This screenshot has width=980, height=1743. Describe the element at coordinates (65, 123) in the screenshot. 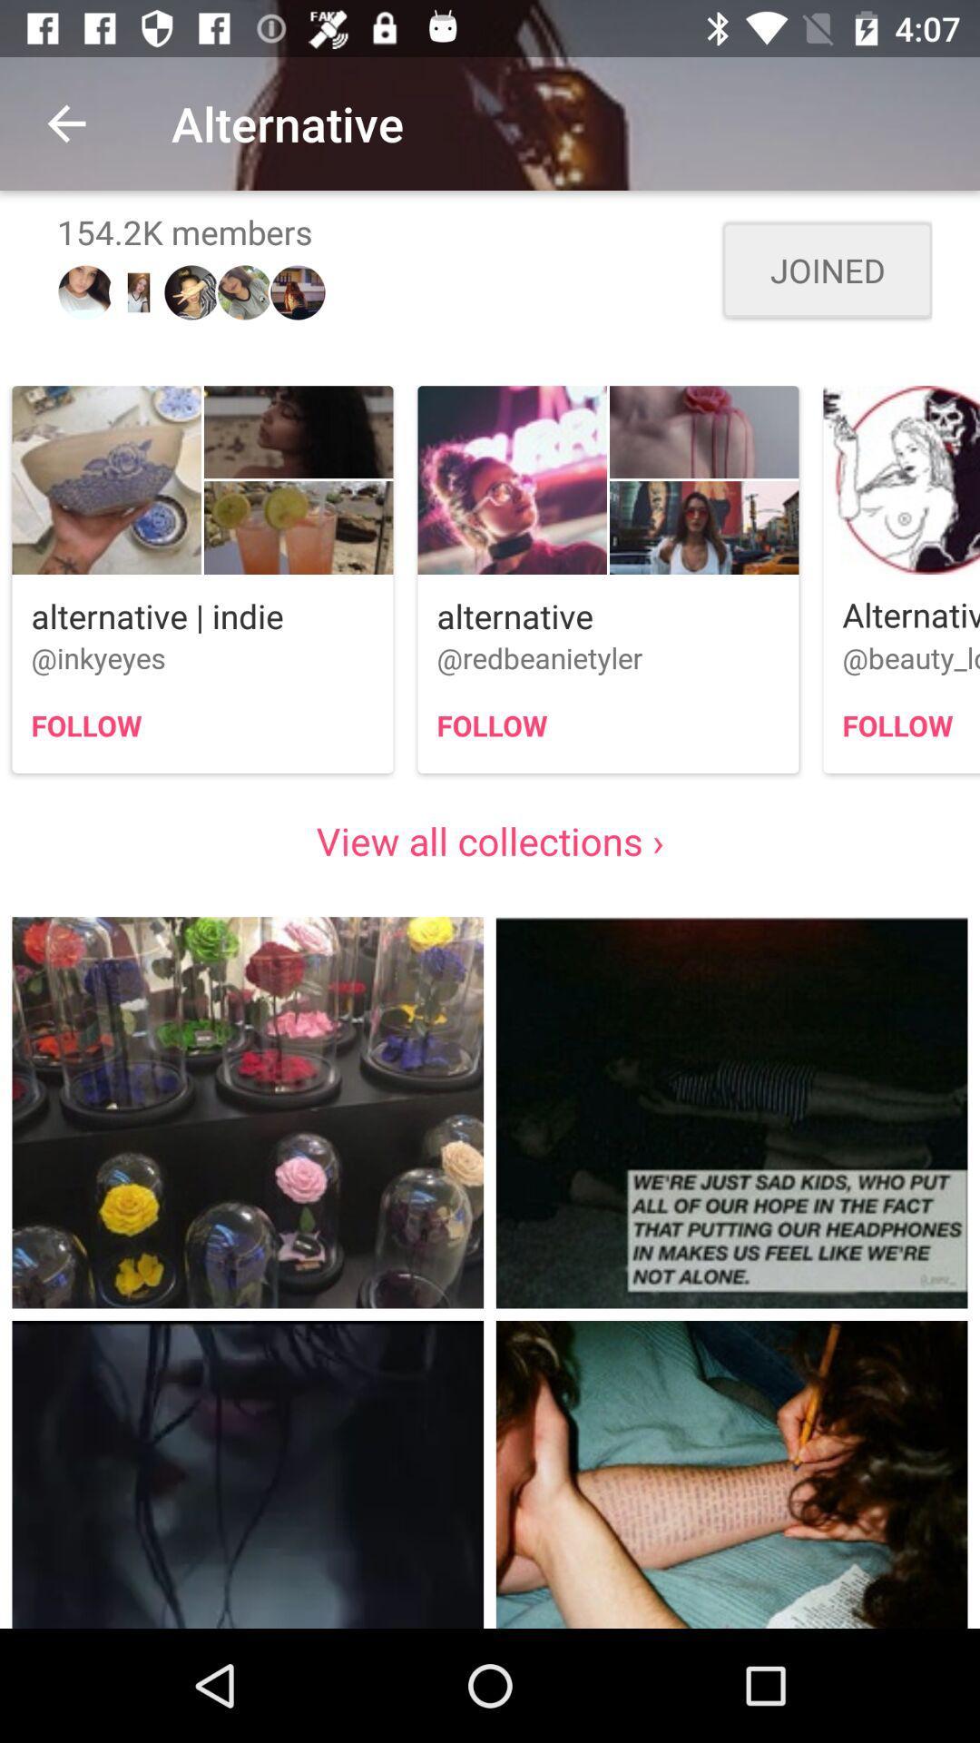

I see `the item next to alternative` at that location.